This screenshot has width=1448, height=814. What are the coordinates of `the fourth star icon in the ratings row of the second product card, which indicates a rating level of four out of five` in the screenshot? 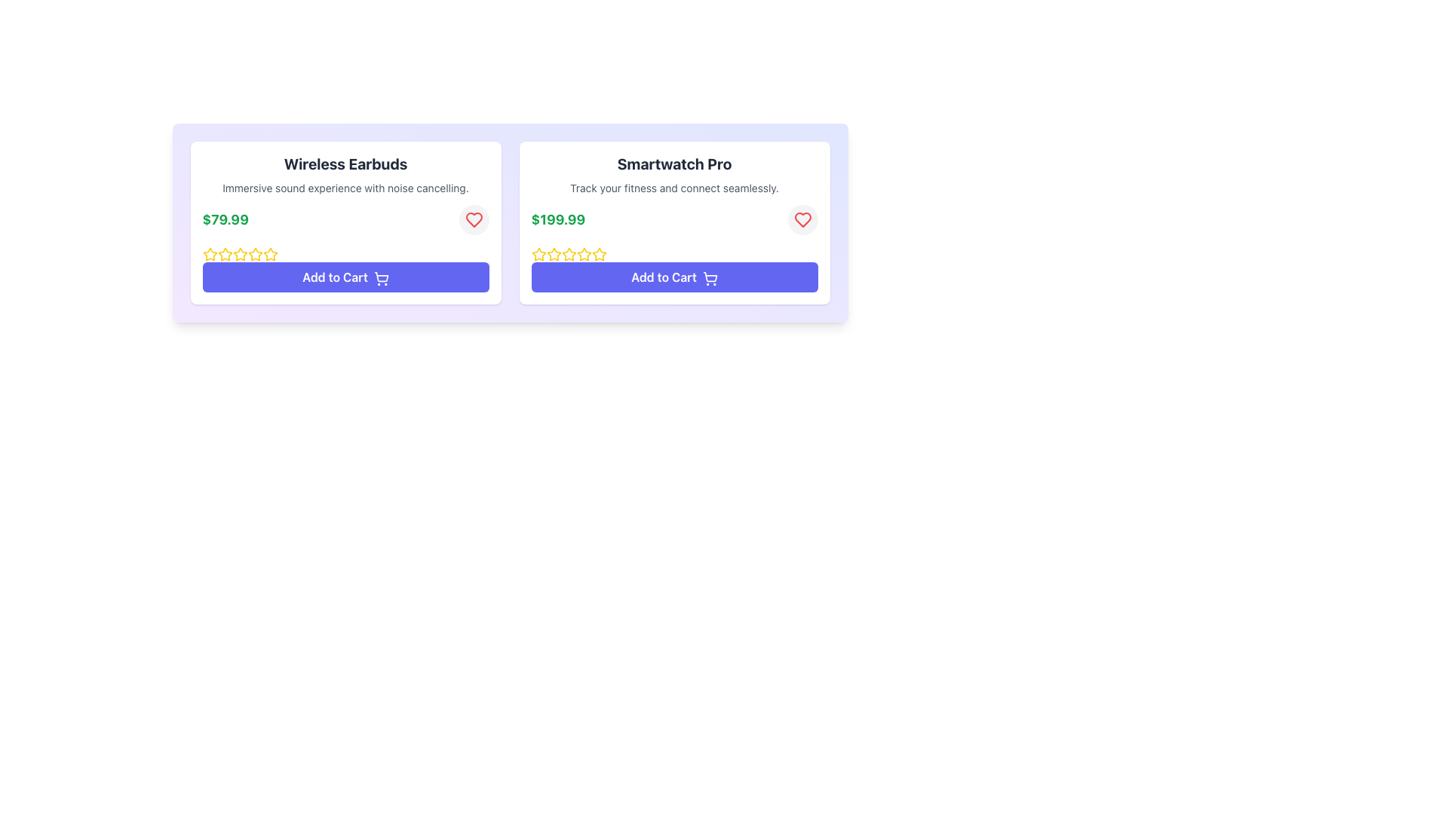 It's located at (598, 253).